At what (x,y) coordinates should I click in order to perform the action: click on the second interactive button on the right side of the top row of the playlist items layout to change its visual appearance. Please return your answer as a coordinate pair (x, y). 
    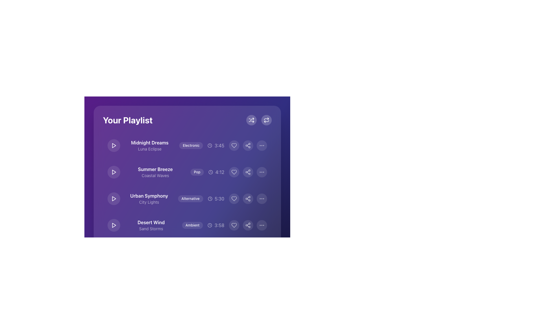
    Looking at the image, I should click on (248, 145).